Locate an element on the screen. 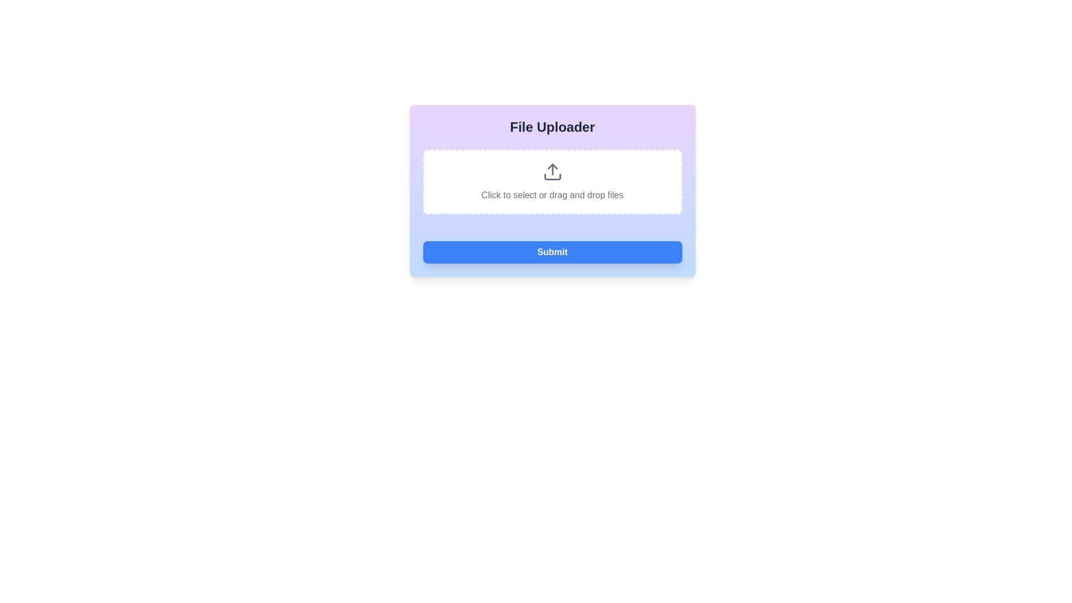 This screenshot has width=1072, height=603. the gray outlined upload icon with an upward-pointing arrow, which is centered within a dashed-bordered drop zone area that has text reading 'Click to select or drag and drop files' is located at coordinates (552, 172).